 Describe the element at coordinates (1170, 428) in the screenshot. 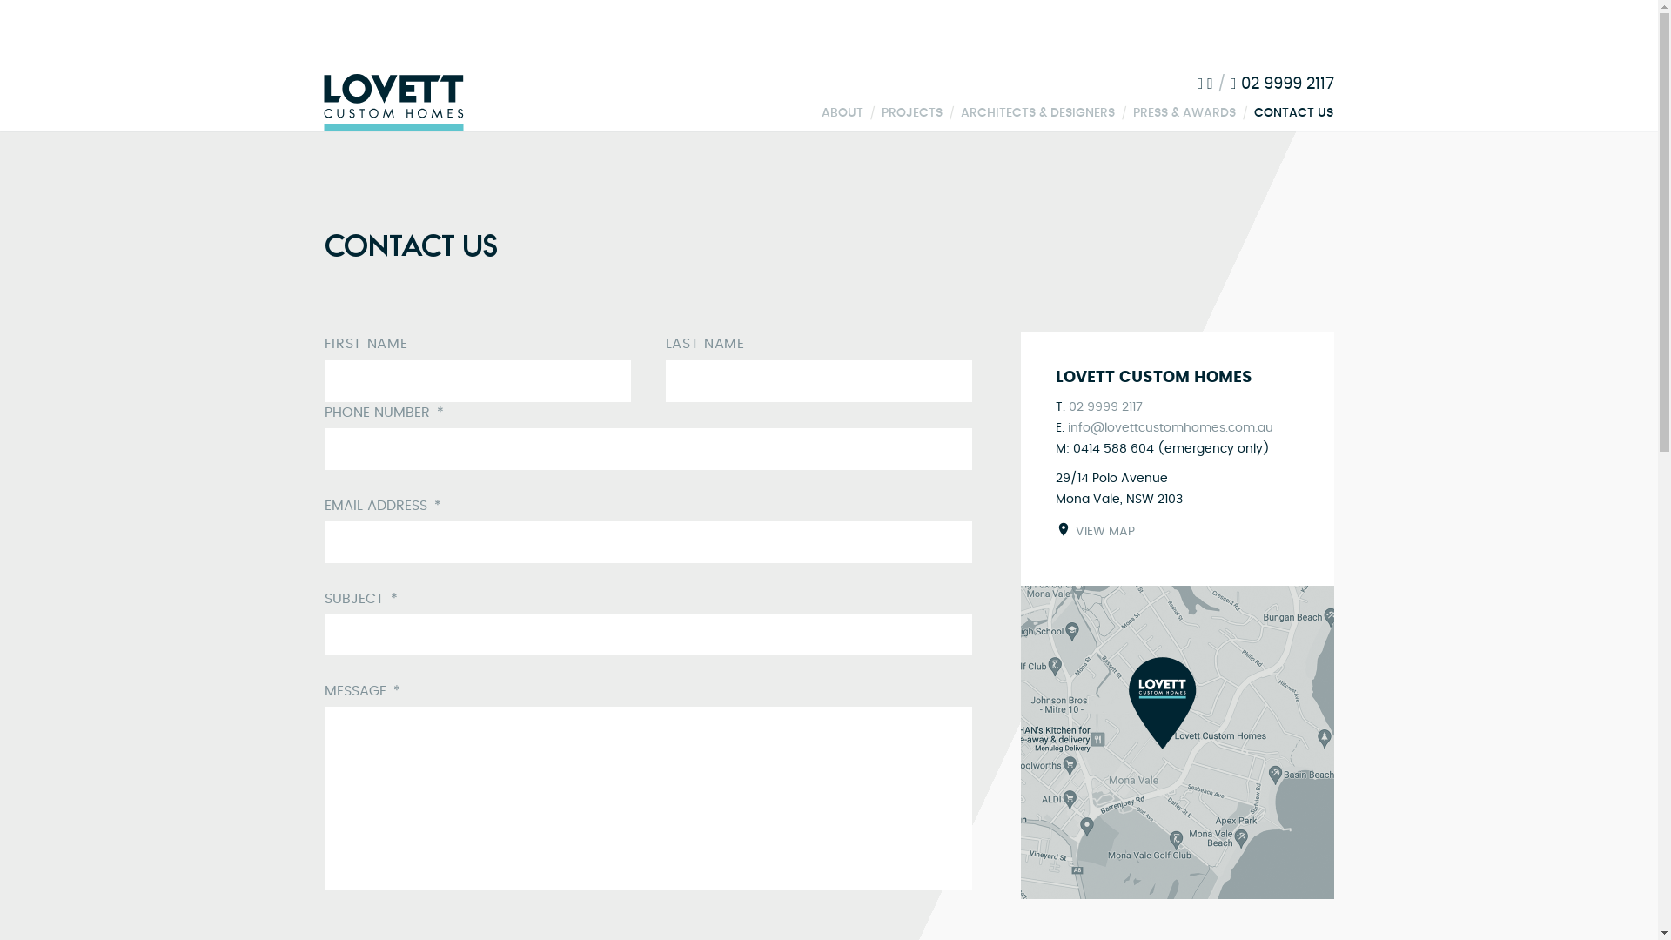

I see `'info@lovettcustomhomes.com.au'` at that location.